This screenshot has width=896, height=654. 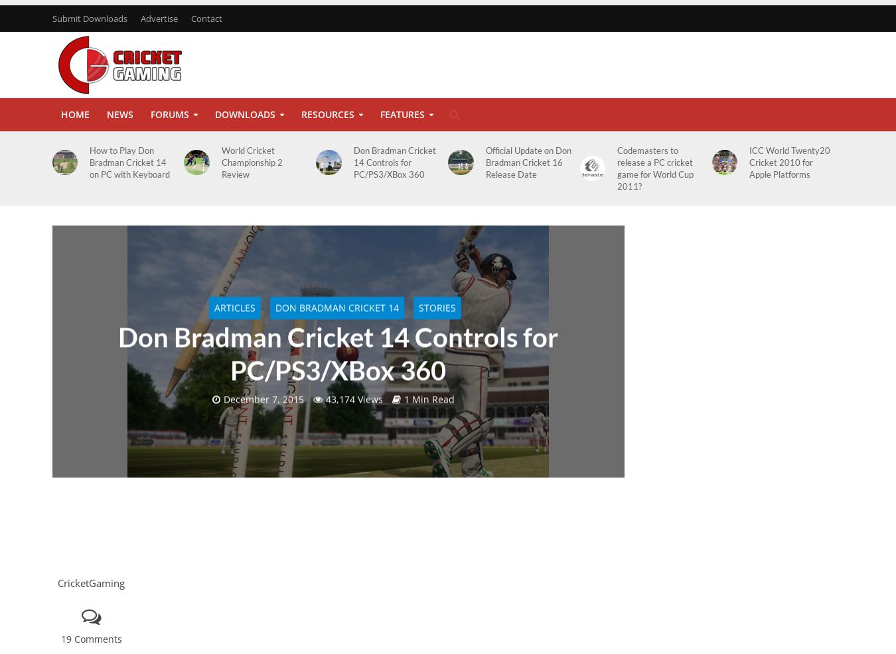 What do you see at coordinates (91, 582) in the screenshot?
I see `'CricketGaming'` at bounding box center [91, 582].